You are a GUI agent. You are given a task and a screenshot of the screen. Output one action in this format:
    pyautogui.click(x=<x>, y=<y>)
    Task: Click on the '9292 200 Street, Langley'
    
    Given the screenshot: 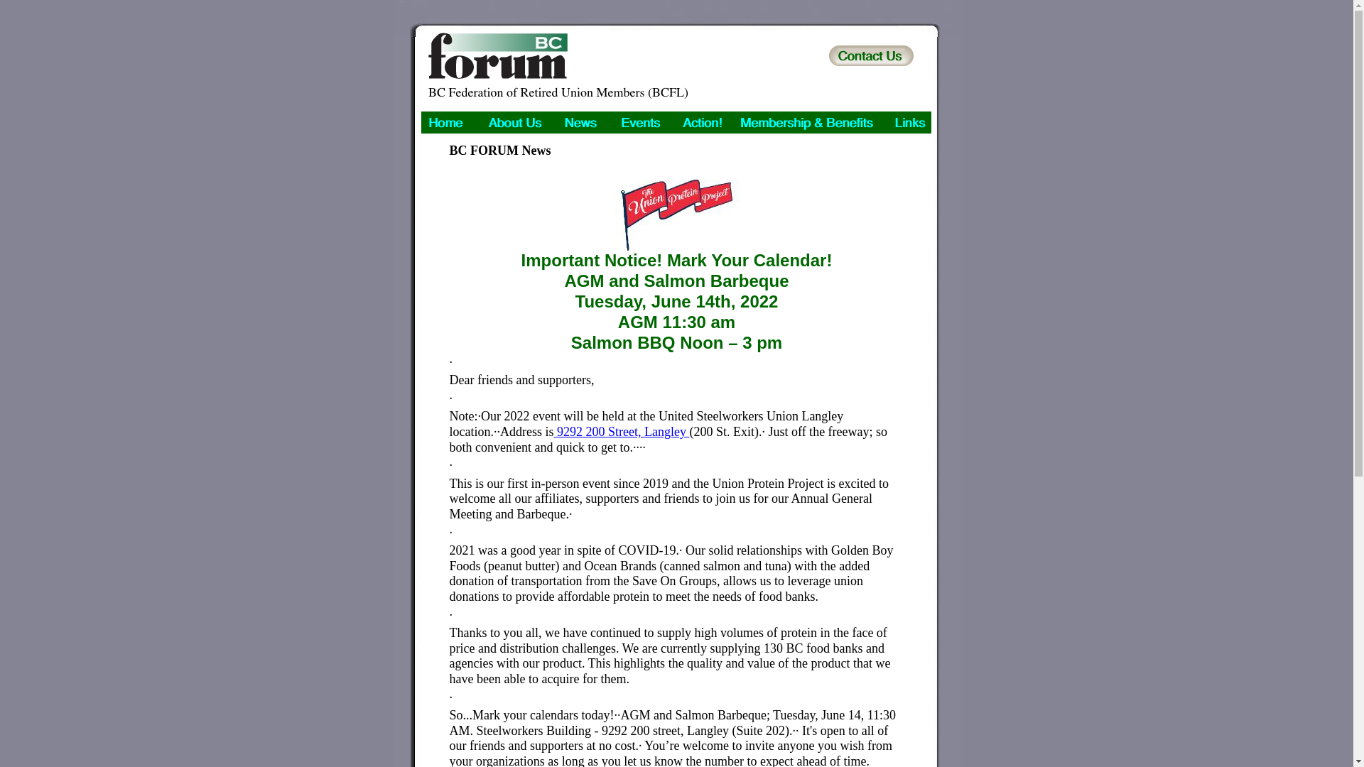 What is the action you would take?
    pyautogui.click(x=621, y=431)
    